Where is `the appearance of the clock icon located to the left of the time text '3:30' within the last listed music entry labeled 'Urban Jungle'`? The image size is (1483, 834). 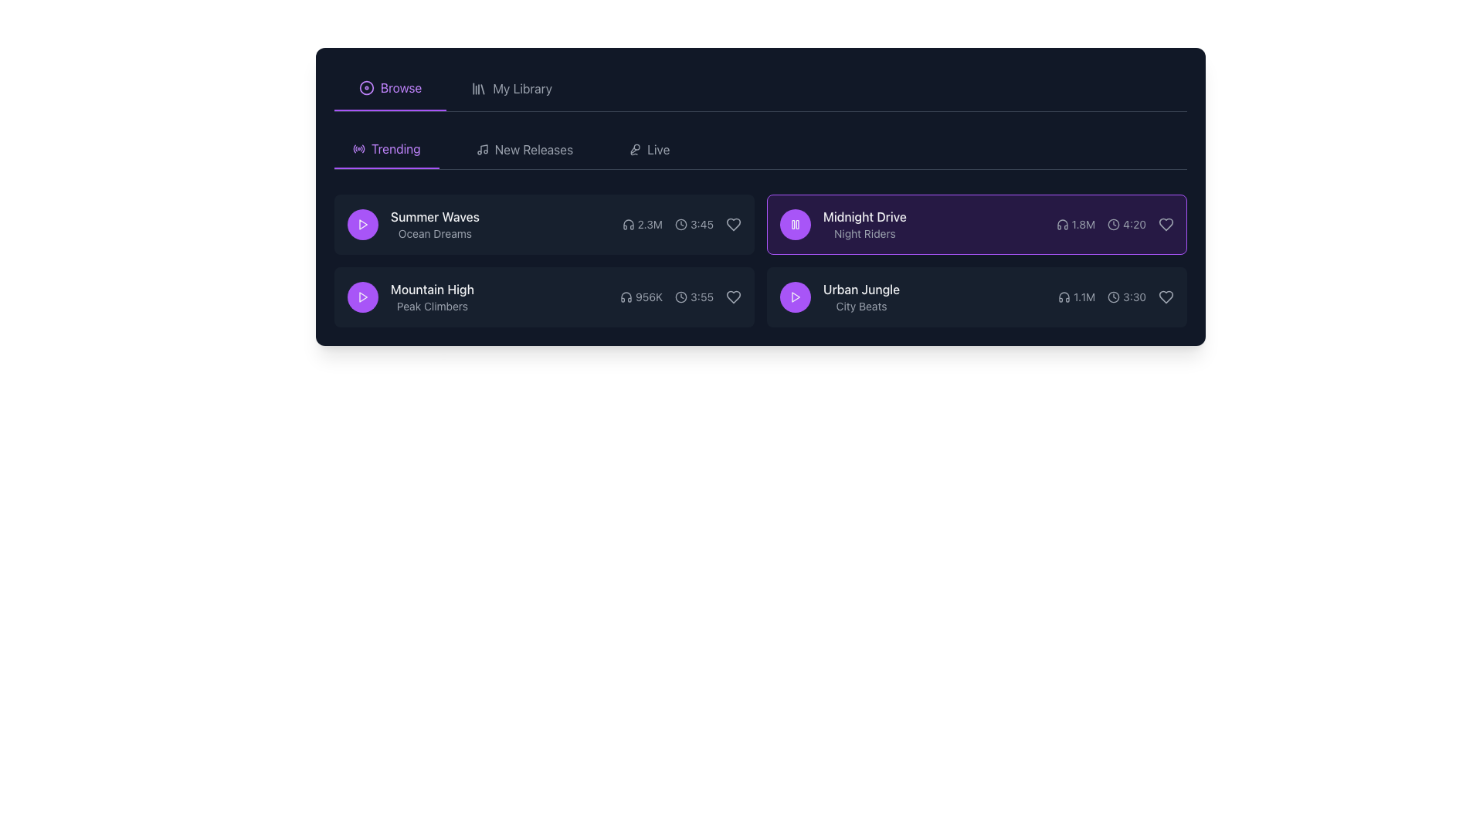
the appearance of the clock icon located to the left of the time text '3:30' within the last listed music entry labeled 'Urban Jungle' is located at coordinates (1114, 297).